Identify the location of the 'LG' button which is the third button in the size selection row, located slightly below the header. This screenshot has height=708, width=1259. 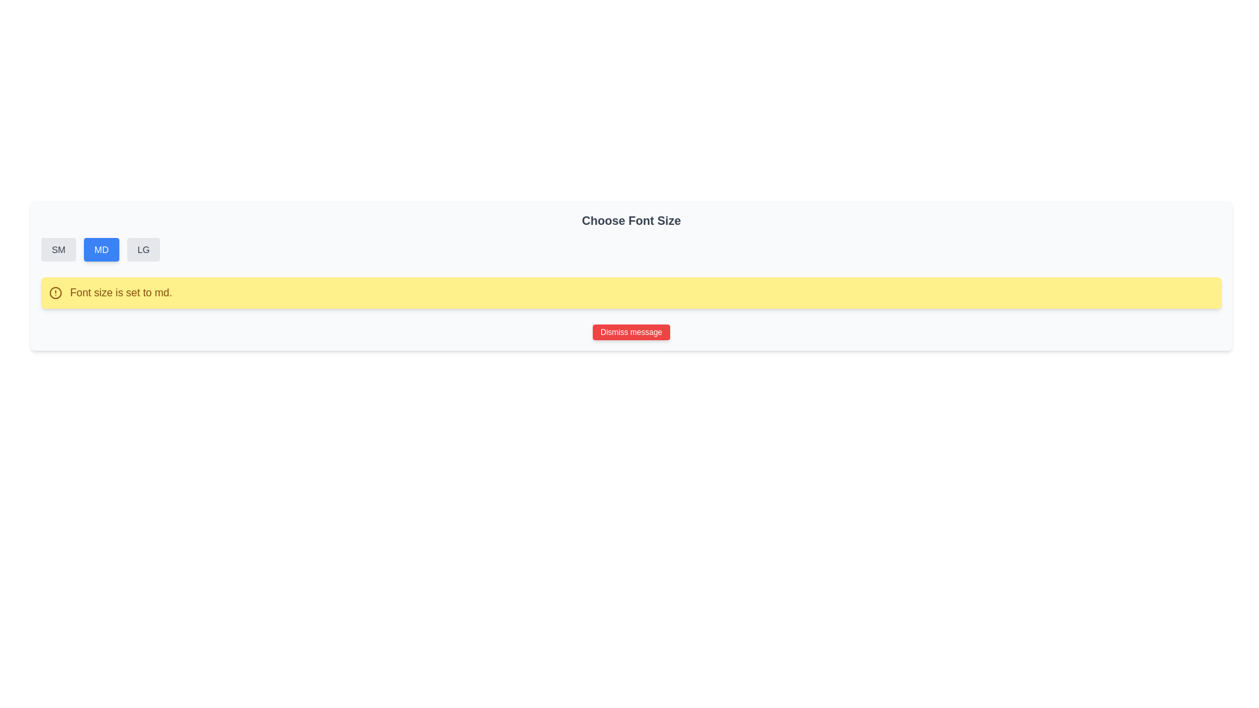
(144, 250).